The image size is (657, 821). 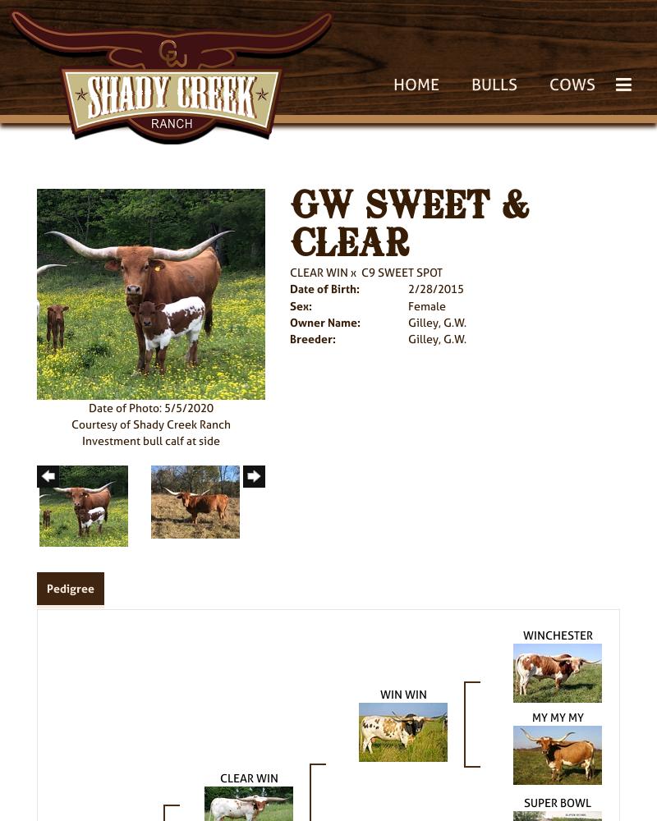 I want to click on 'Investment bull calf at side', so click(x=150, y=439).